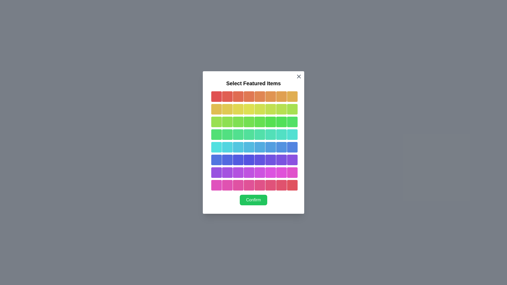  What do you see at coordinates (253, 200) in the screenshot?
I see `the 'Confirm' button to finalize the selection` at bounding box center [253, 200].